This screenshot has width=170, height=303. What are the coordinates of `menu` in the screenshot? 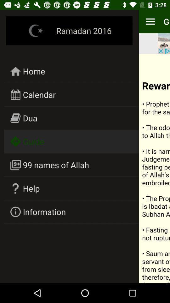 It's located at (150, 21).